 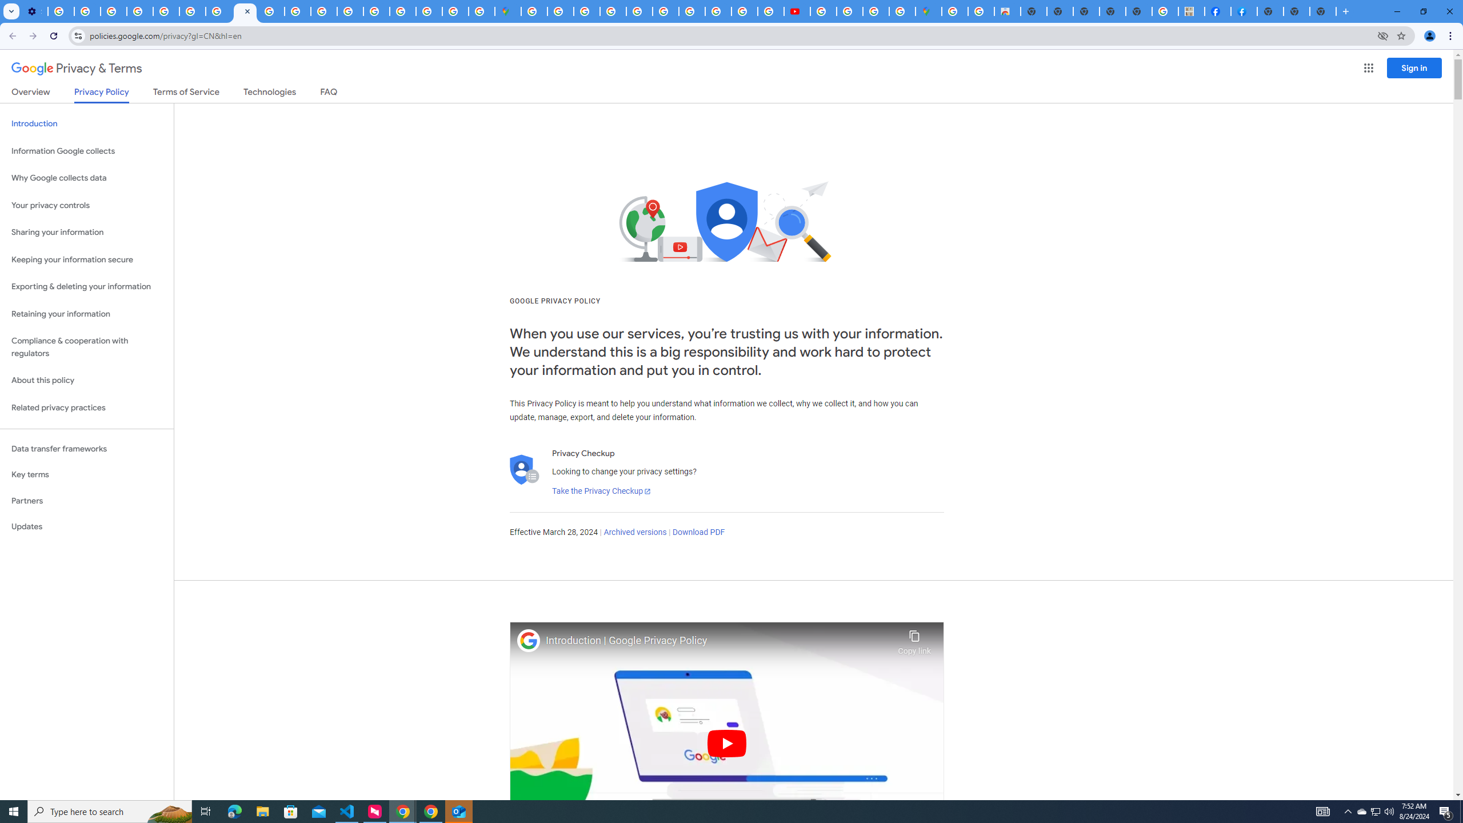 What do you see at coordinates (86, 347) in the screenshot?
I see `'Compliance & cooperation with regulators'` at bounding box center [86, 347].